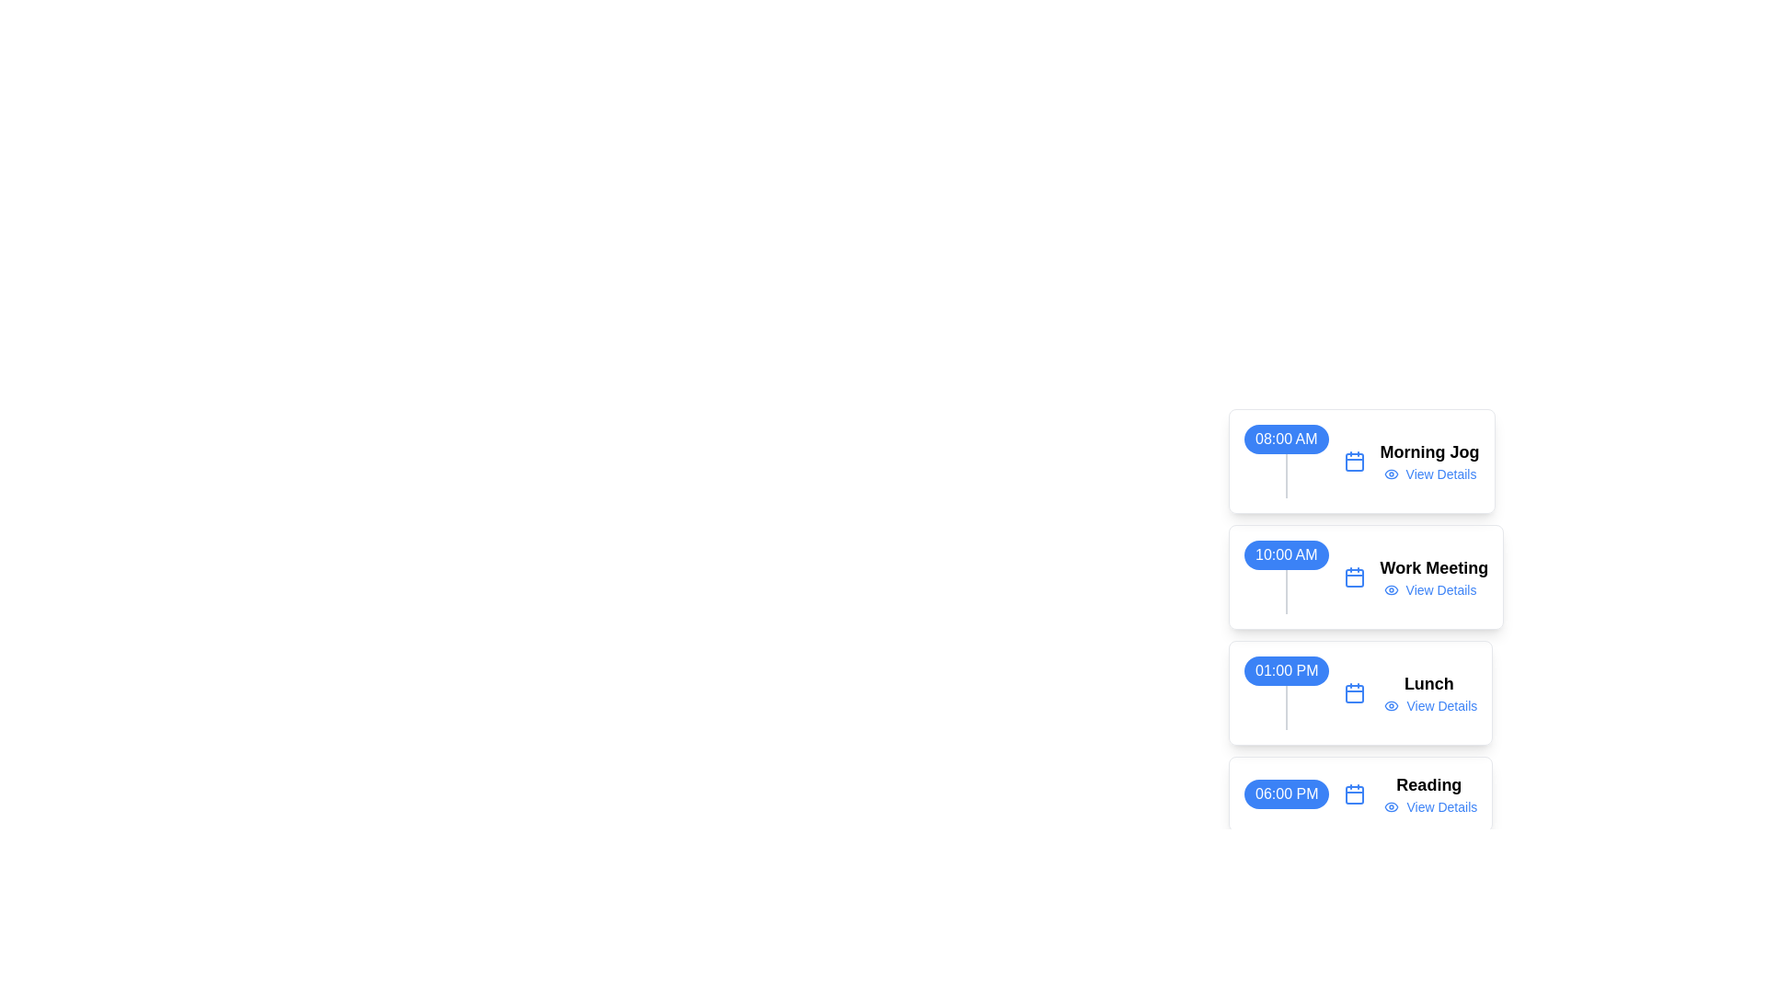 Image resolution: width=1766 pixels, height=993 pixels. Describe the element at coordinates (1463, 596) in the screenshot. I see `the second hyperlink labeled 'View Details' within the 'Work Meeting' segment` at that location.